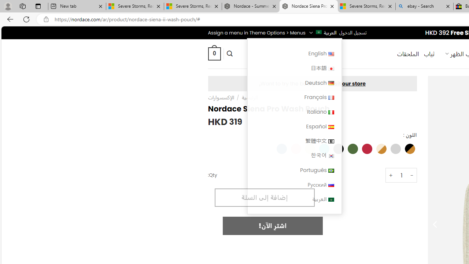  I want to click on ' 0 ', so click(214, 53).